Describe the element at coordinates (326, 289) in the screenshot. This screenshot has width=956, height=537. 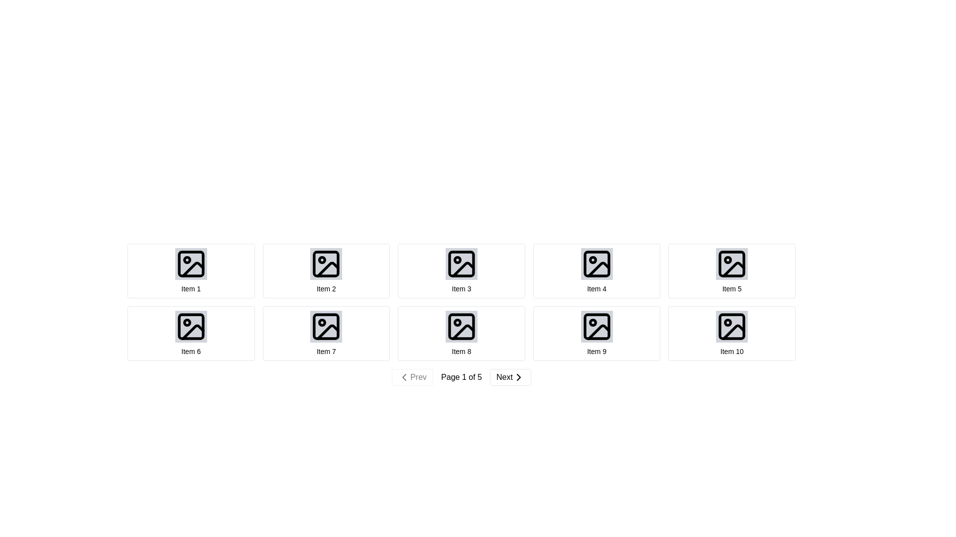
I see `the text label displaying 'Item 2', which is positioned slightly separated from the elements above and is the second item in a horizontal grid layout` at that location.